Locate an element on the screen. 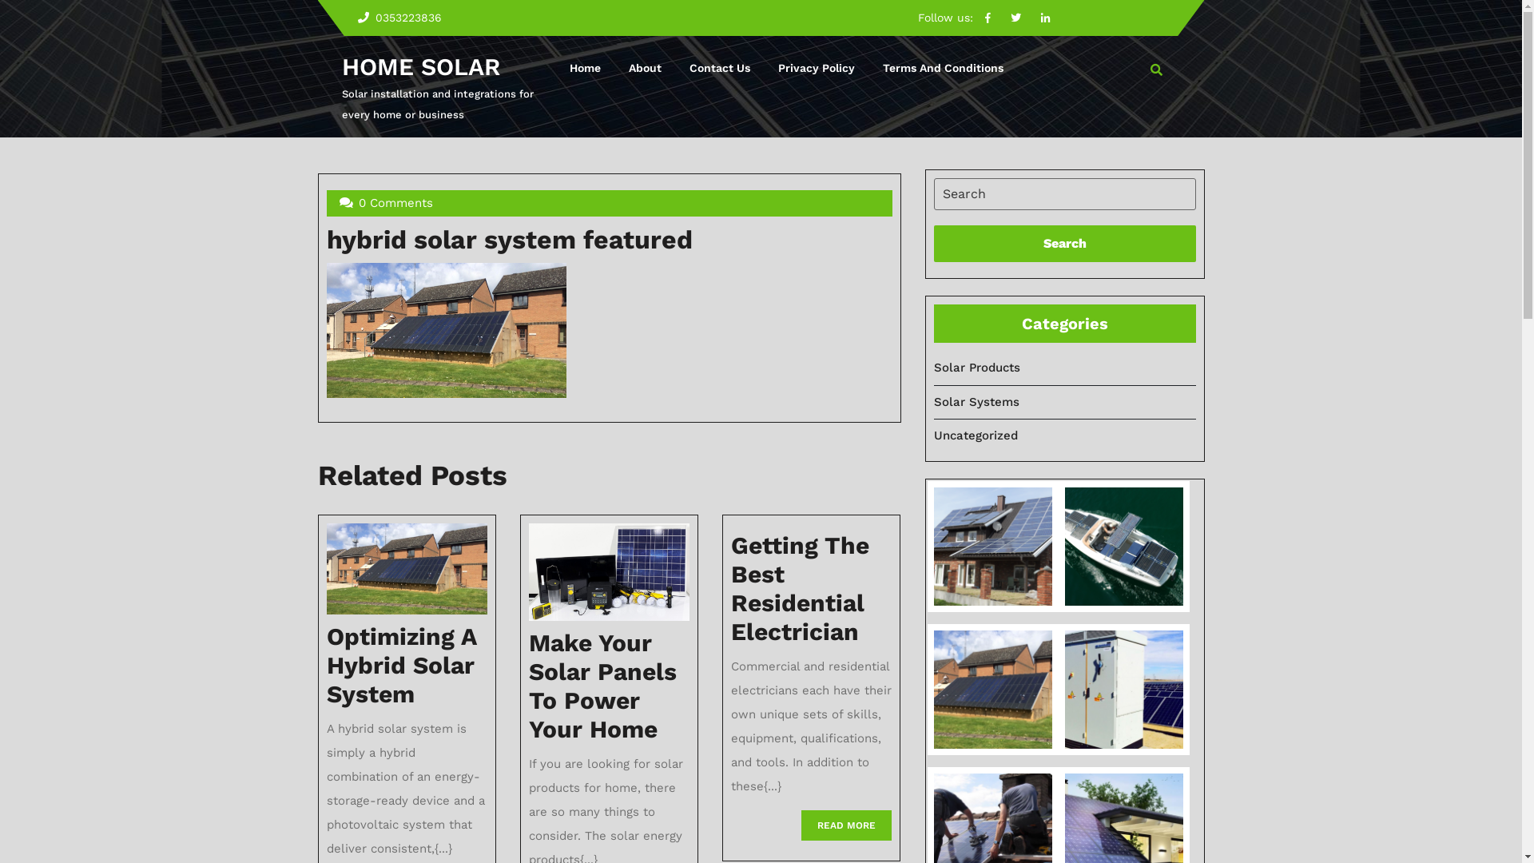 The width and height of the screenshot is (1534, 863). 'Twitter' is located at coordinates (1015, 17).